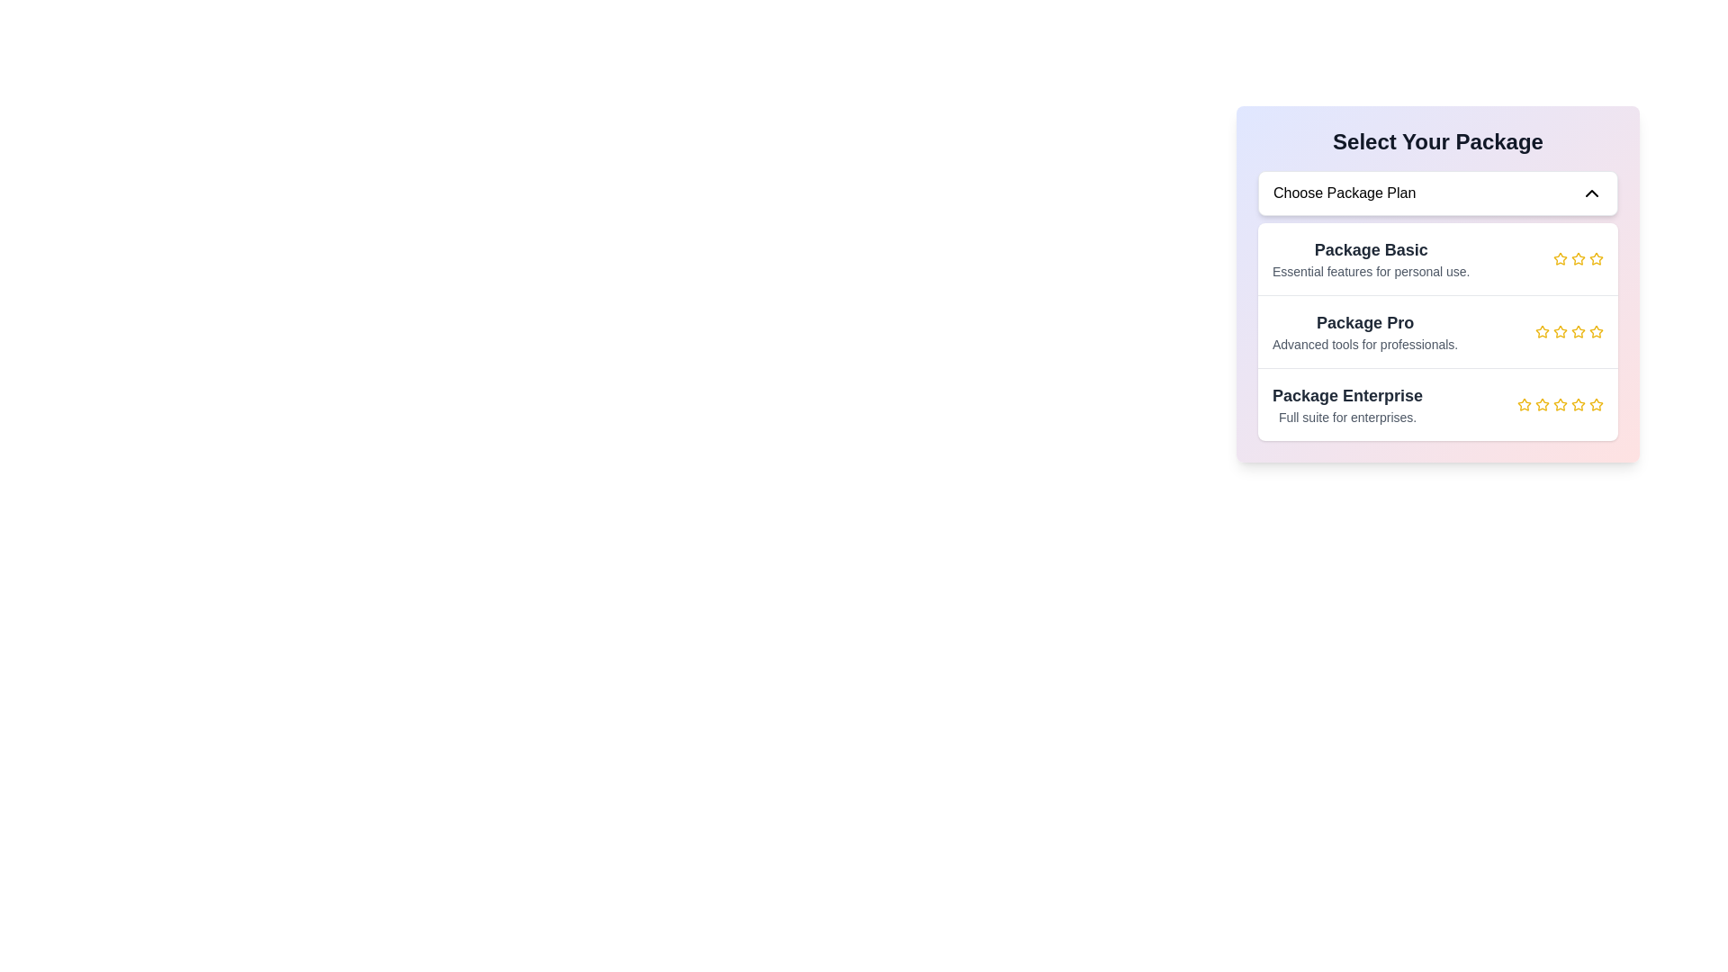  I want to click on the fifth yellow star icon representing the rating for the 'Package Basic' plan in the 'Select Your Package' section to rate it, so click(1597, 259).